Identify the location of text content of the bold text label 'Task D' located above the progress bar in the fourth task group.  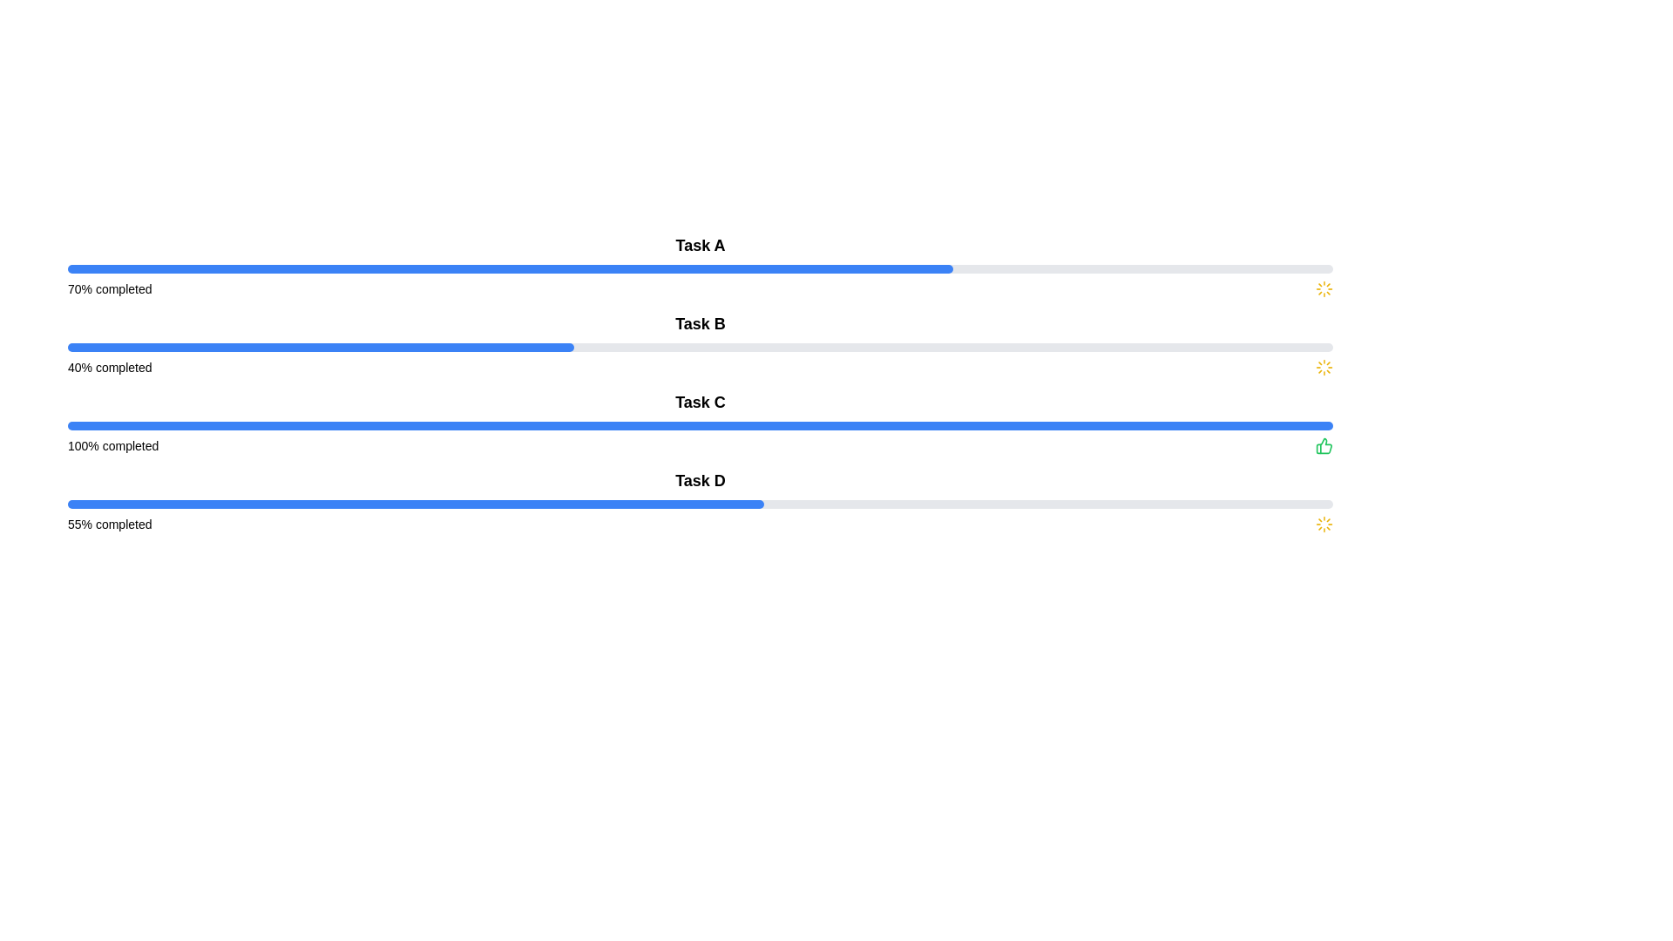
(701, 480).